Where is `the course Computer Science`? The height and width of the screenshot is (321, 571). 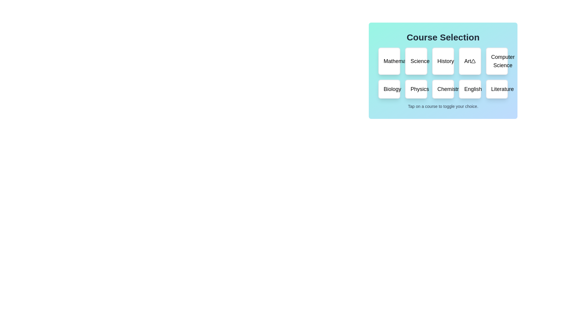 the course Computer Science is located at coordinates (497, 61).